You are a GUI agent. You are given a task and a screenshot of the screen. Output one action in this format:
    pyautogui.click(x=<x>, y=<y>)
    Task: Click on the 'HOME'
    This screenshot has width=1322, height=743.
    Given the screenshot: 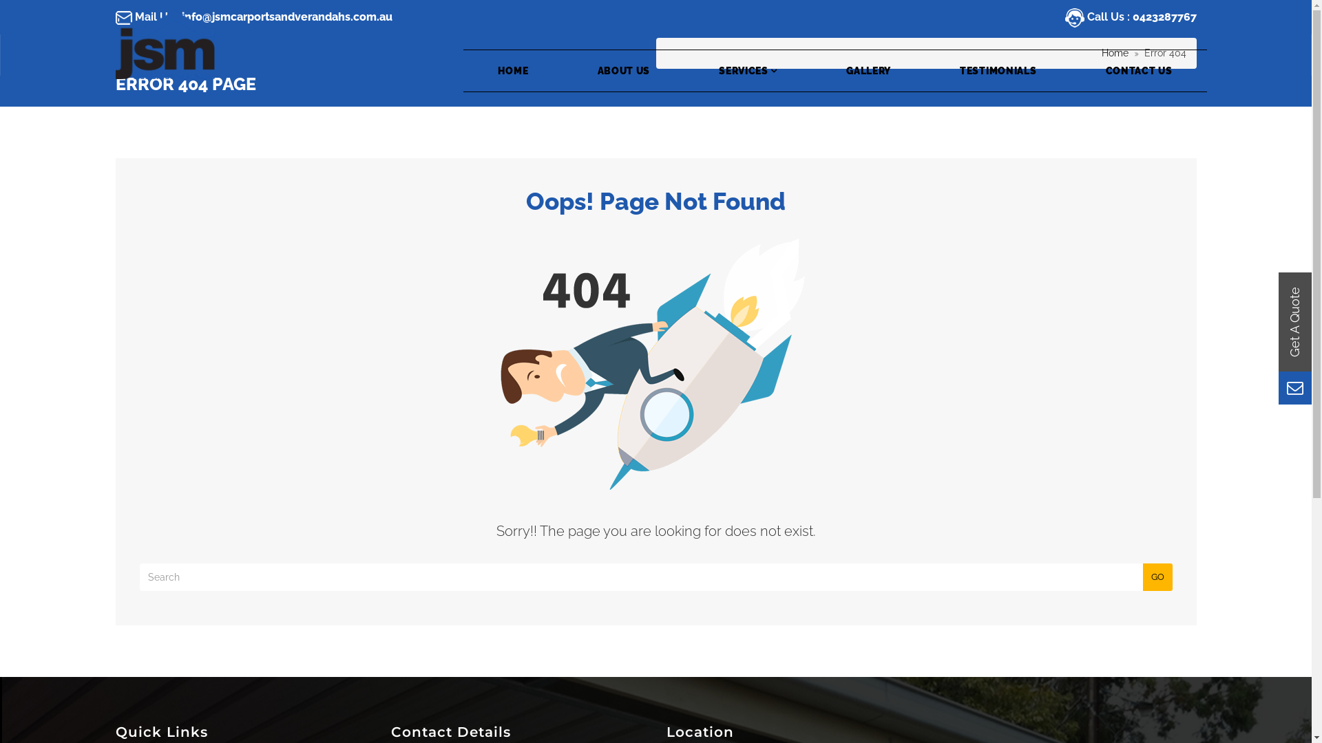 What is the action you would take?
    pyautogui.click(x=512, y=71)
    